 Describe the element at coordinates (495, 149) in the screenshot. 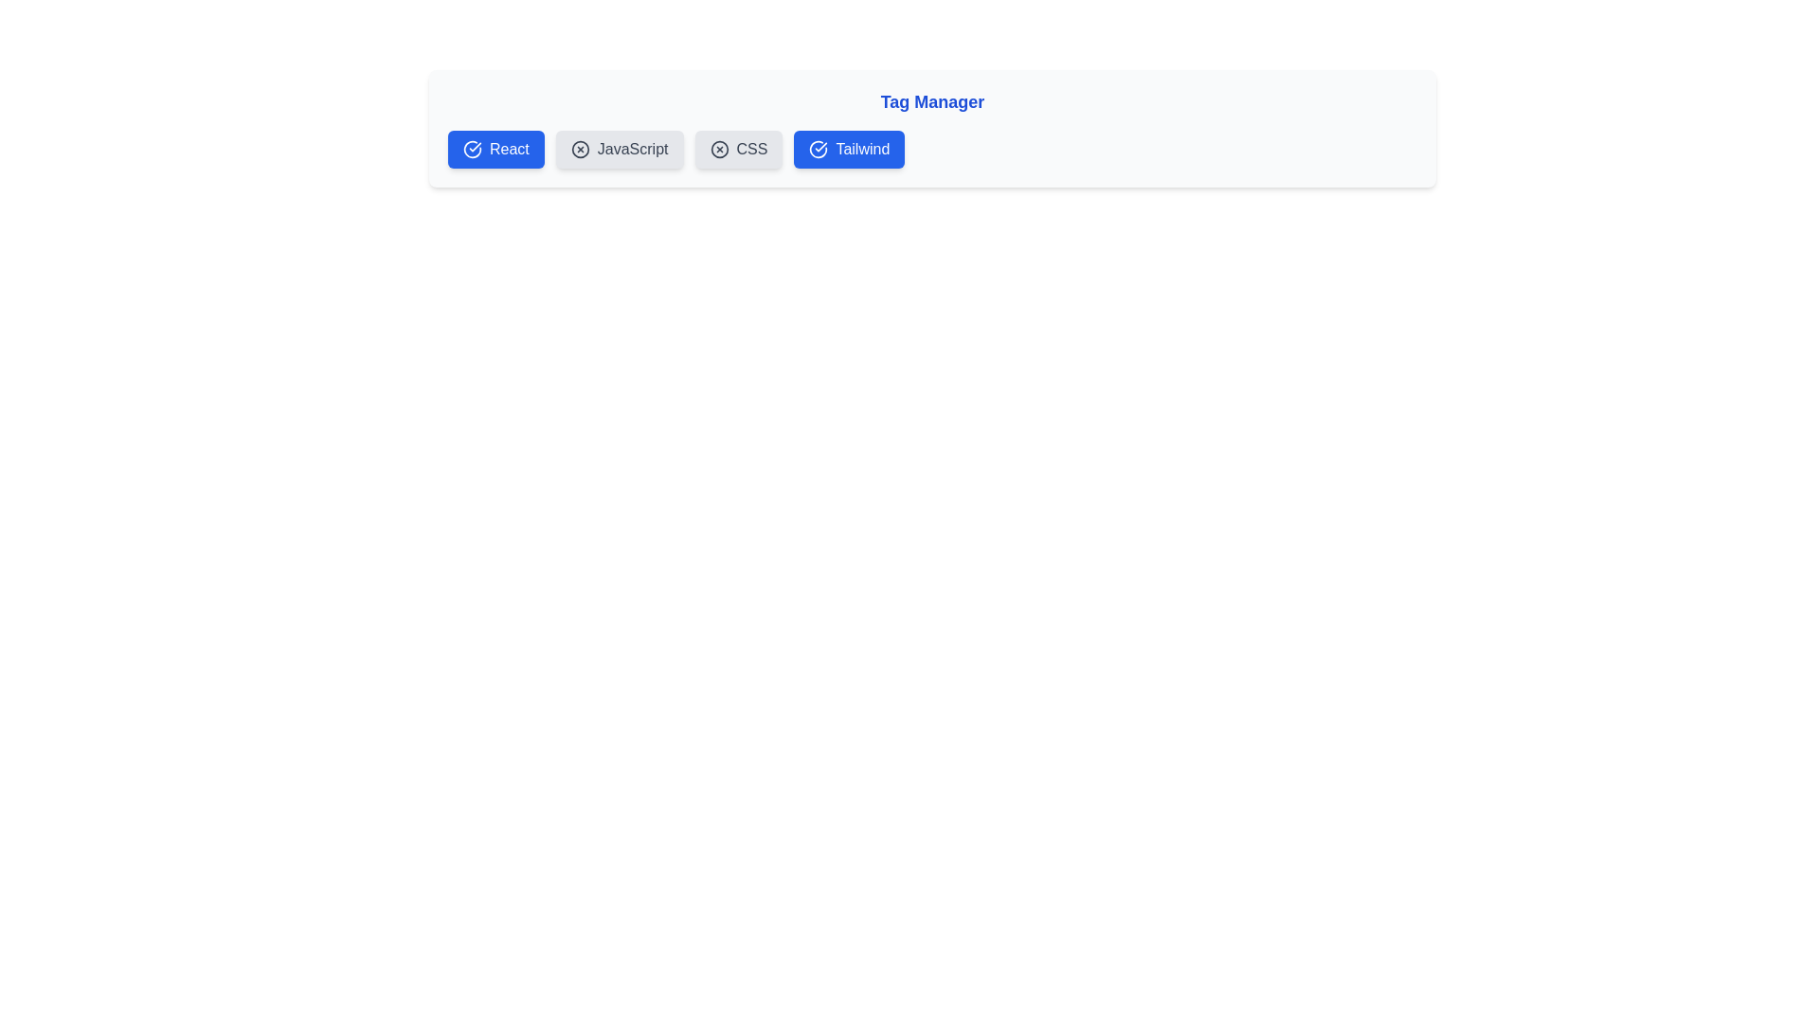

I see `the tag labeled React to observe hover effects` at that location.